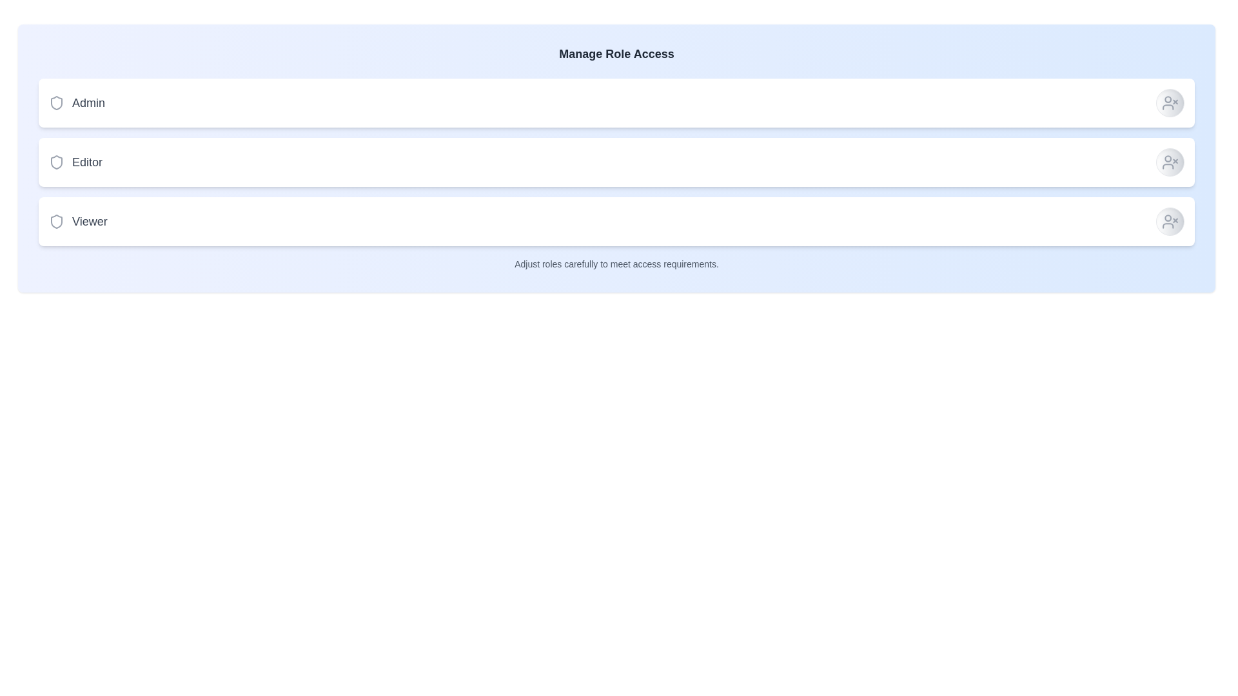 The image size is (1238, 696). I want to click on the circular button with a gradient background and a user icon with a cross beside it, located in the 'Editor' section, so click(1170, 161).